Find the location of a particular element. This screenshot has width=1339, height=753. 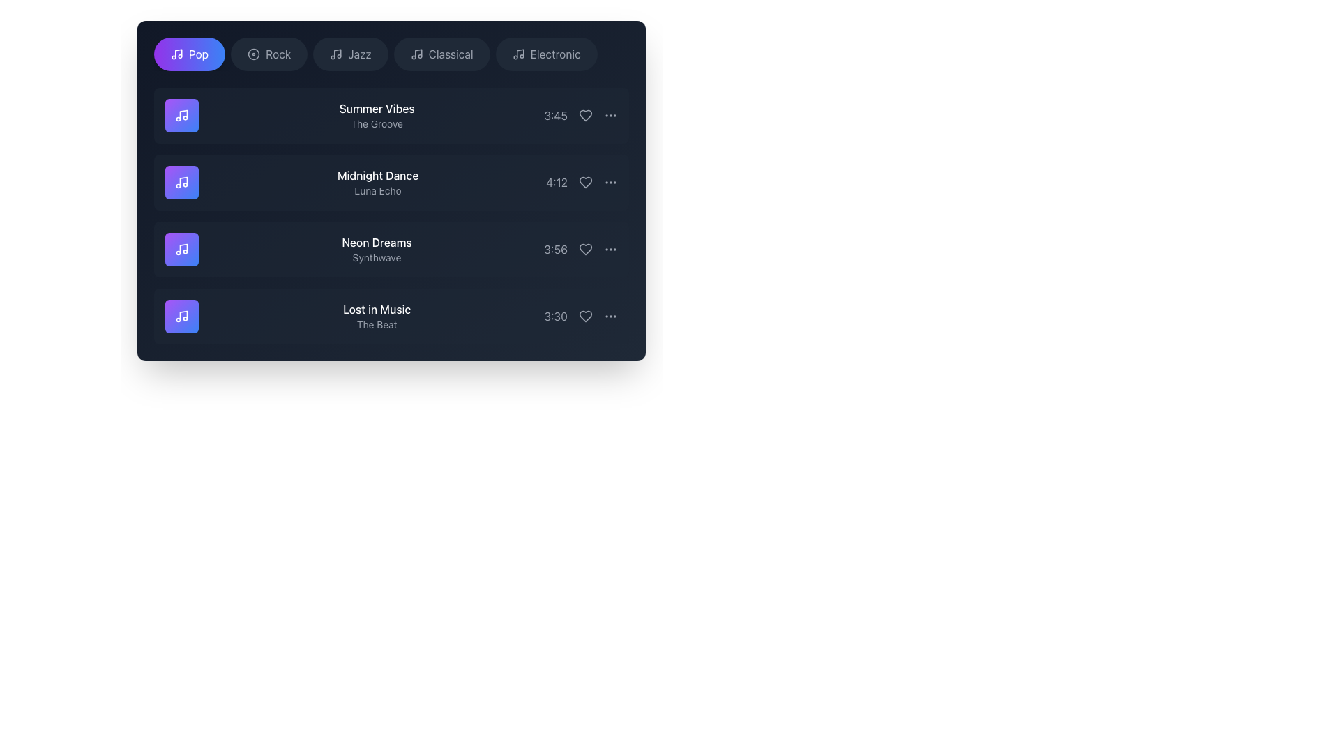

the 'Rock' music genre button, which is the second button in a horizontal list of genre buttons located between the 'Pop' and 'Jazz' buttons is located at coordinates (269, 53).